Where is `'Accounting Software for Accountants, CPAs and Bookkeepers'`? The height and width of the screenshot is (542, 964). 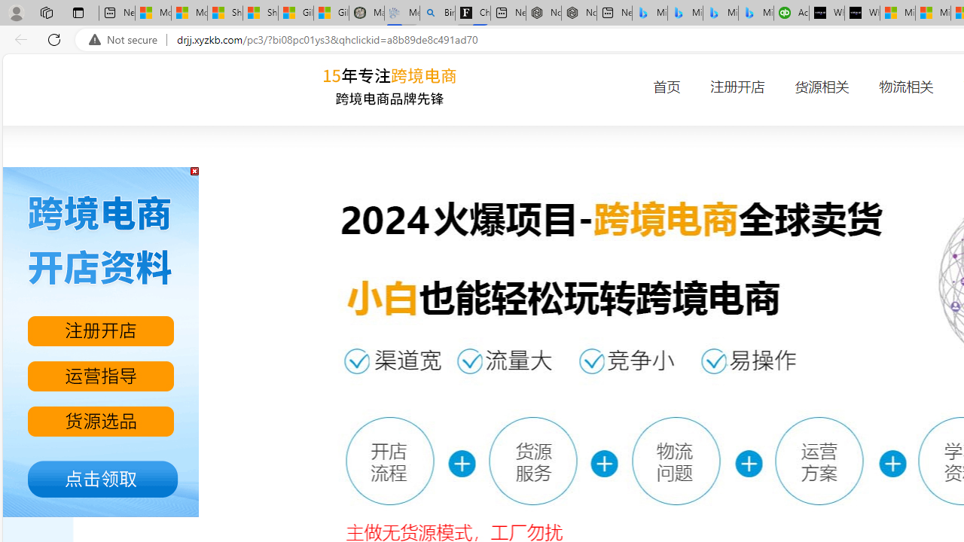 'Accounting Software for Accountants, CPAs and Bookkeepers' is located at coordinates (790, 13).